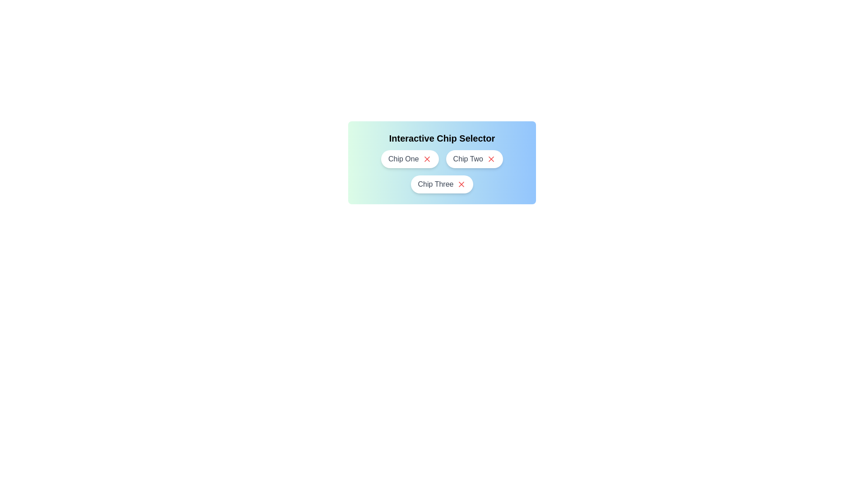 The height and width of the screenshot is (487, 867). I want to click on close button of the chip labeled Chip Three to remove it, so click(461, 184).